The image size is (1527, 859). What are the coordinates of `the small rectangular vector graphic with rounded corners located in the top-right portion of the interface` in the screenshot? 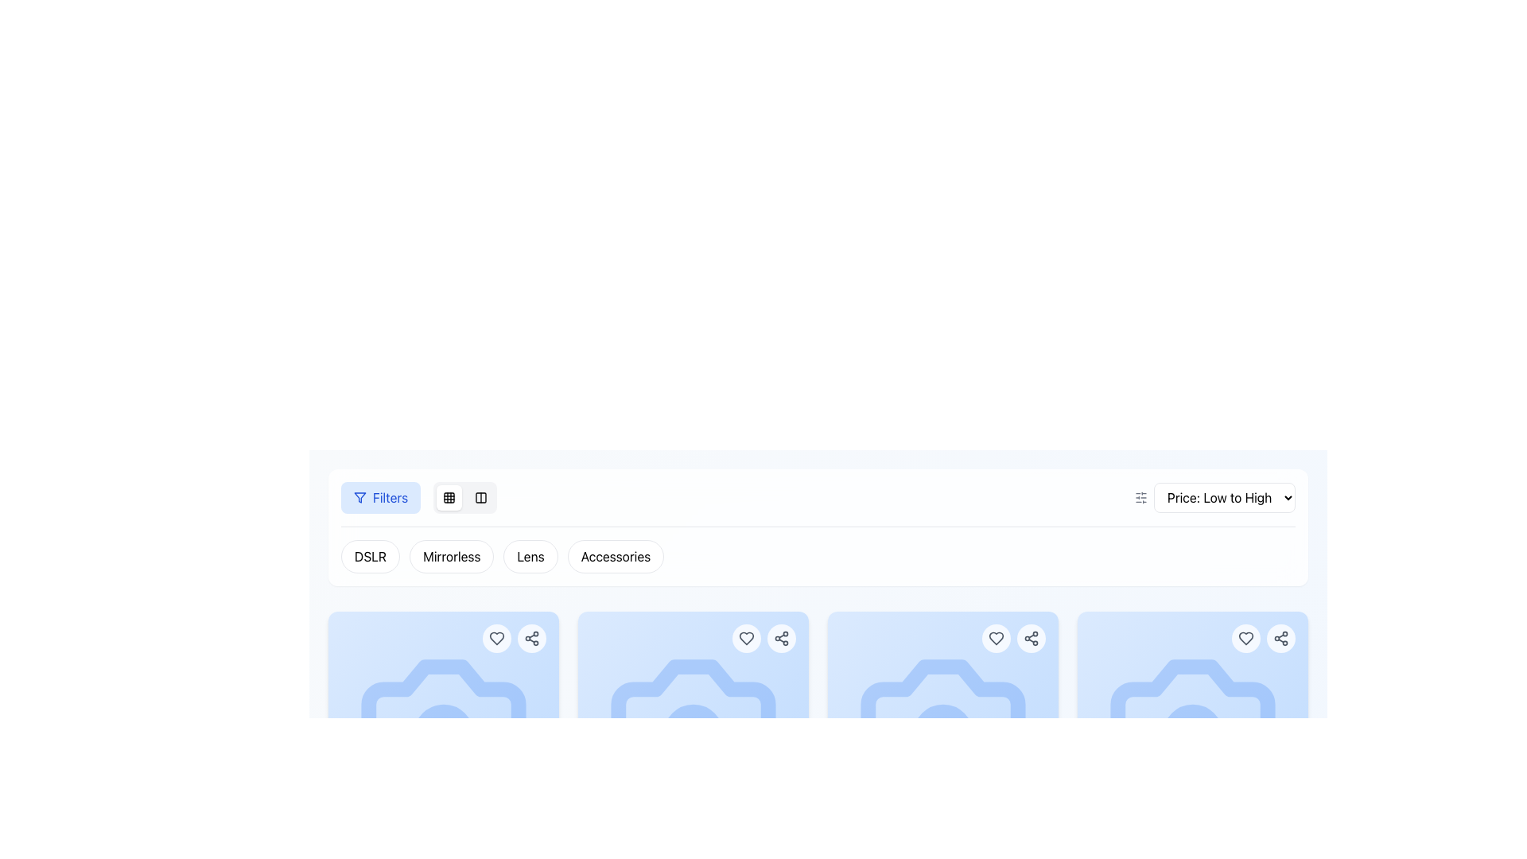 It's located at (480, 496).